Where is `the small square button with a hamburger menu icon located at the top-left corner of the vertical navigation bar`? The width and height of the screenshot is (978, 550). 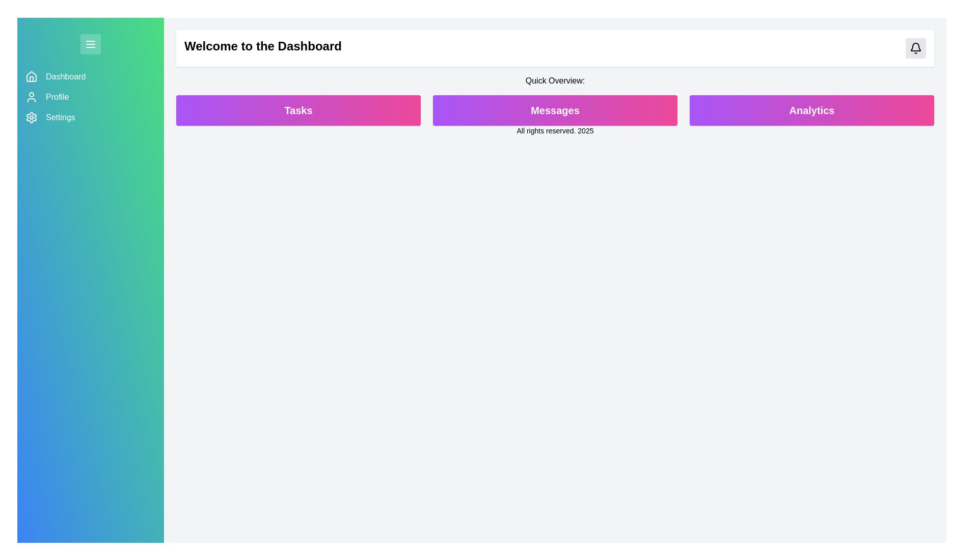
the small square button with a hamburger menu icon located at the top-left corner of the vertical navigation bar is located at coordinates (90, 44).